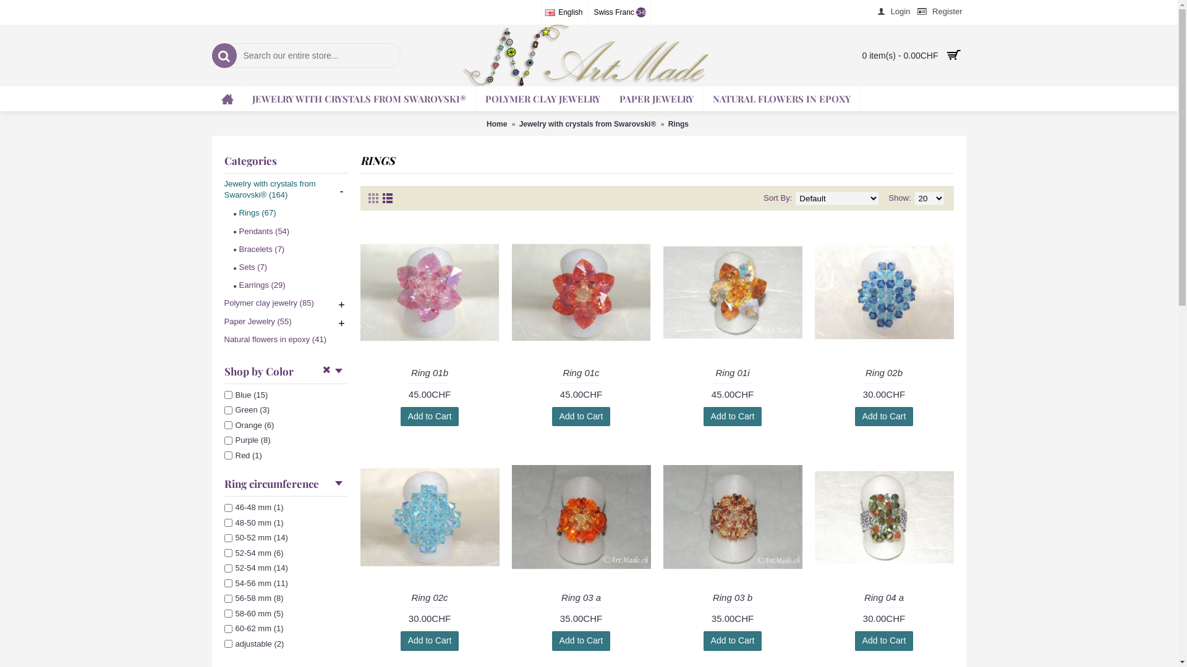 Image resolution: width=1187 pixels, height=667 pixels. I want to click on 'Natural flowers in epoxy (41)', so click(284, 338).